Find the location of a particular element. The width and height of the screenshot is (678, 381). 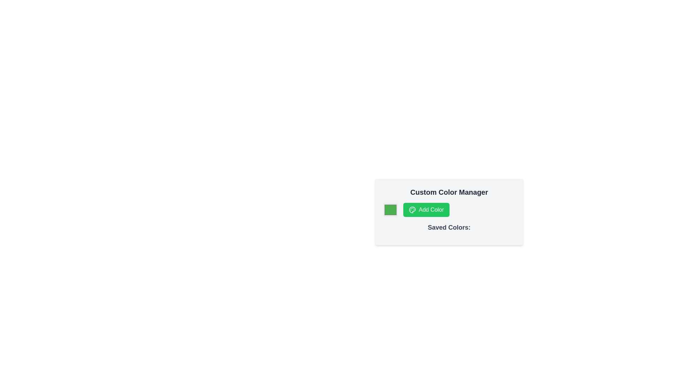

the text label that serves as a section header for saved colors, located below the 'Add Color' button and to the right of a green square color block in the 'Custom Color Manager' box is located at coordinates (449, 227).